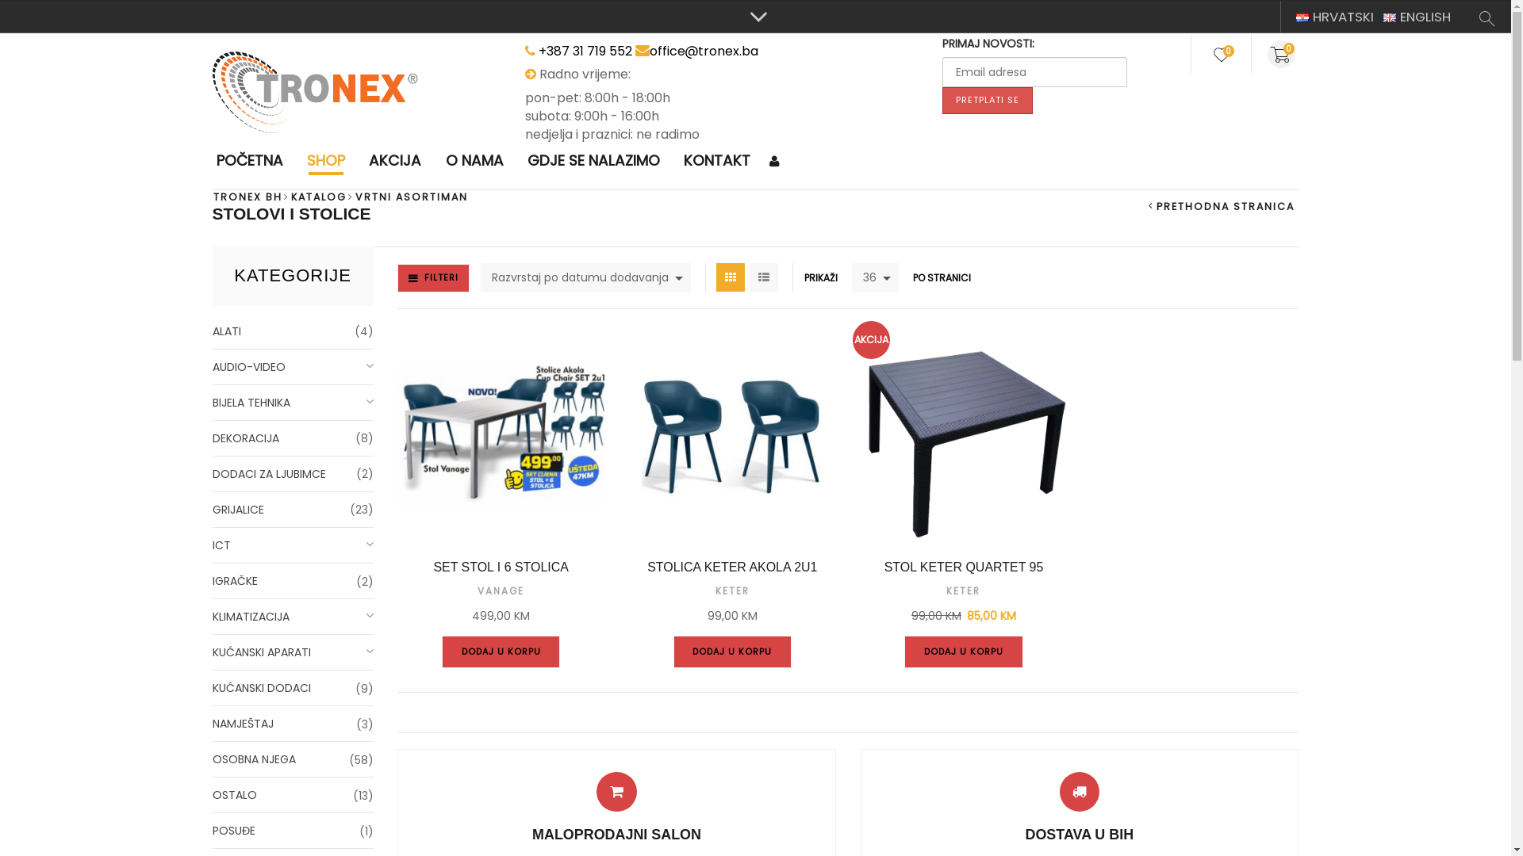 This screenshot has height=856, width=1523. I want to click on 'AKCIJA', so click(395, 161).